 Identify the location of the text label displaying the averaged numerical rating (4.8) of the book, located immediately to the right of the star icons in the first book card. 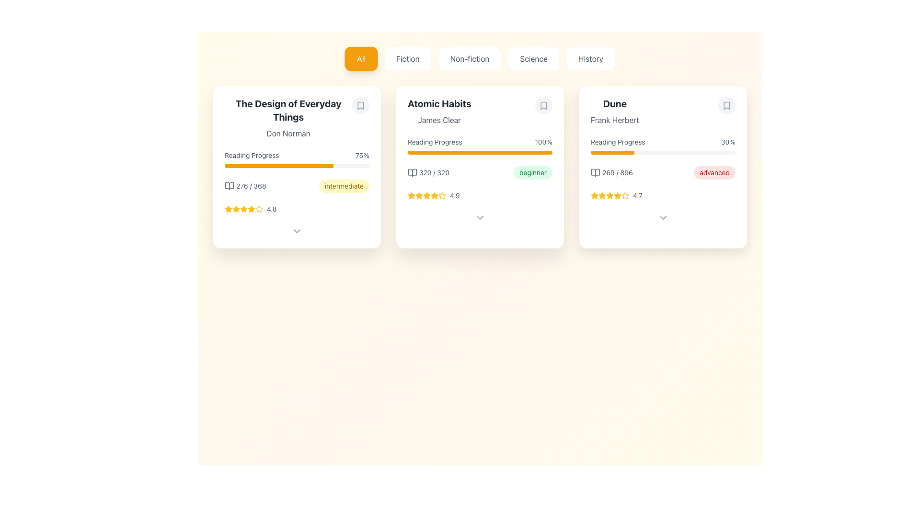
(271, 208).